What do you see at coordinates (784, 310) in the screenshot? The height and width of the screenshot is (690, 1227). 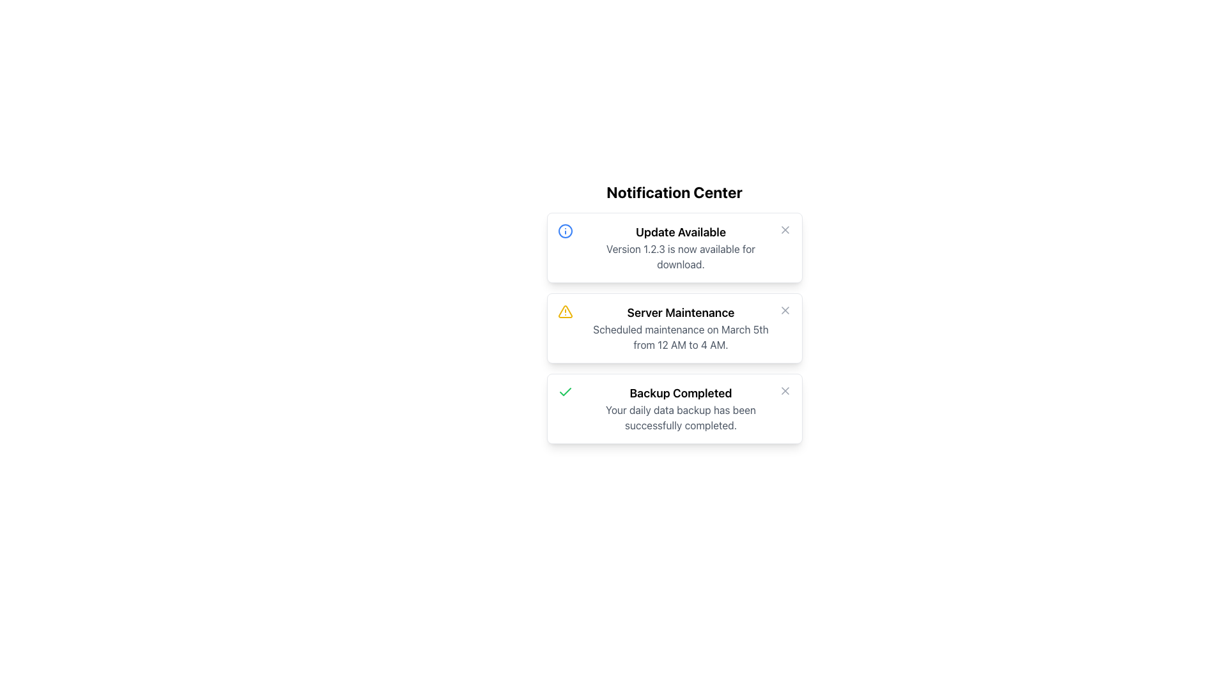 I see `the close button located in the top-right corner of the 'Server Maintenance' notification card` at bounding box center [784, 310].